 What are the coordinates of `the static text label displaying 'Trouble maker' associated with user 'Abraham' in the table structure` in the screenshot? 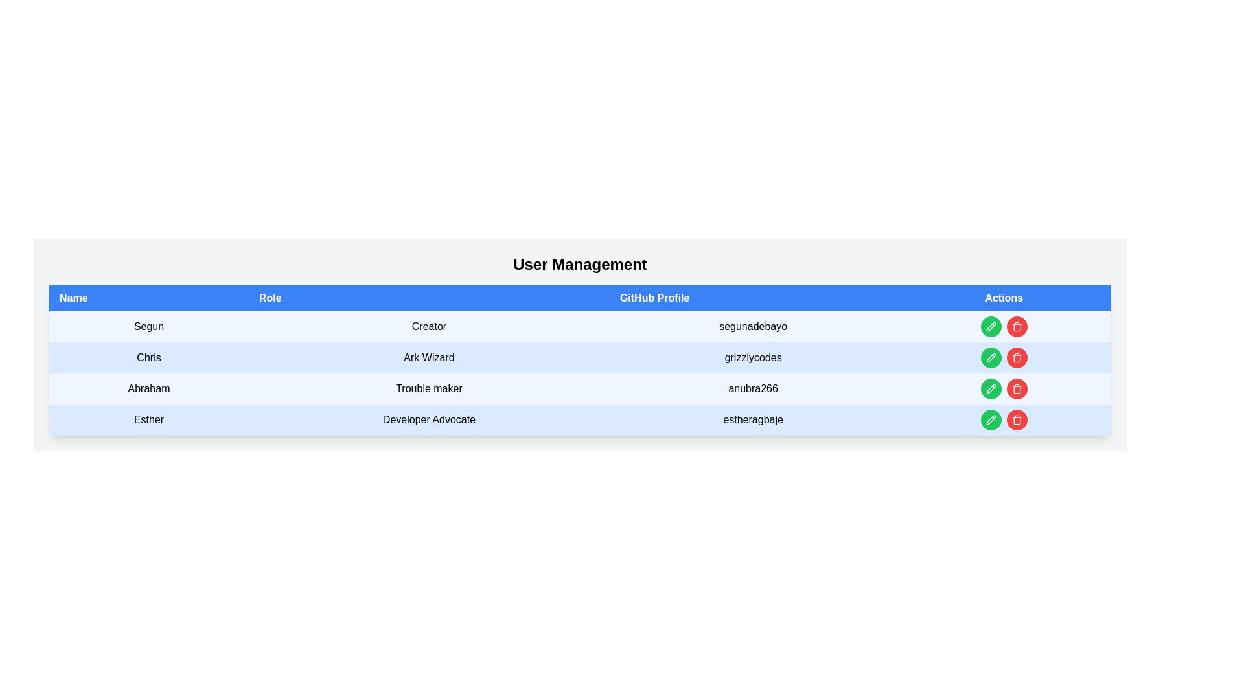 It's located at (429, 388).